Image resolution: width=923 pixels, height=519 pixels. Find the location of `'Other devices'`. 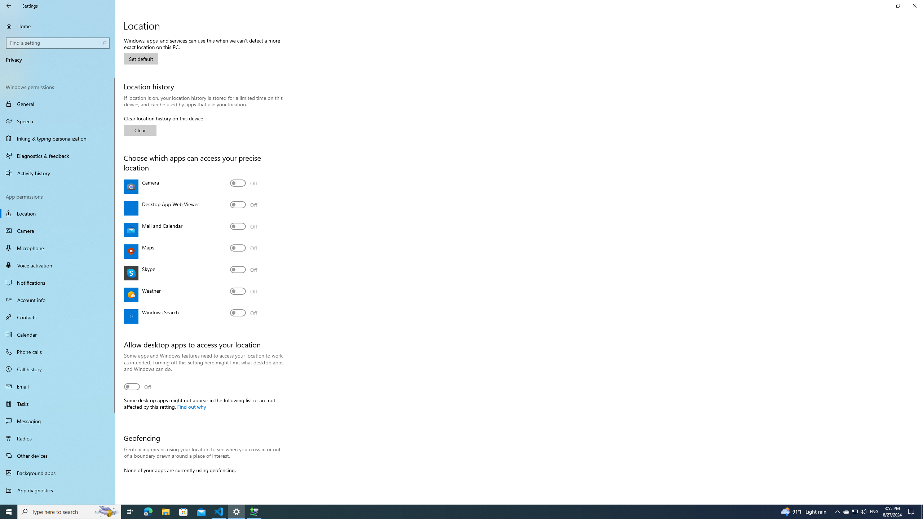

'Other devices' is located at coordinates (57, 455).